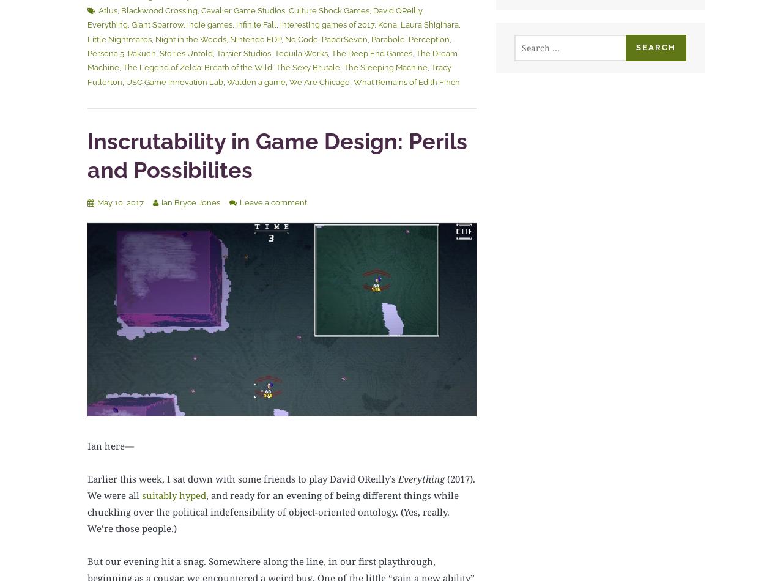  What do you see at coordinates (397, 10) in the screenshot?
I see `'David OReilly'` at bounding box center [397, 10].